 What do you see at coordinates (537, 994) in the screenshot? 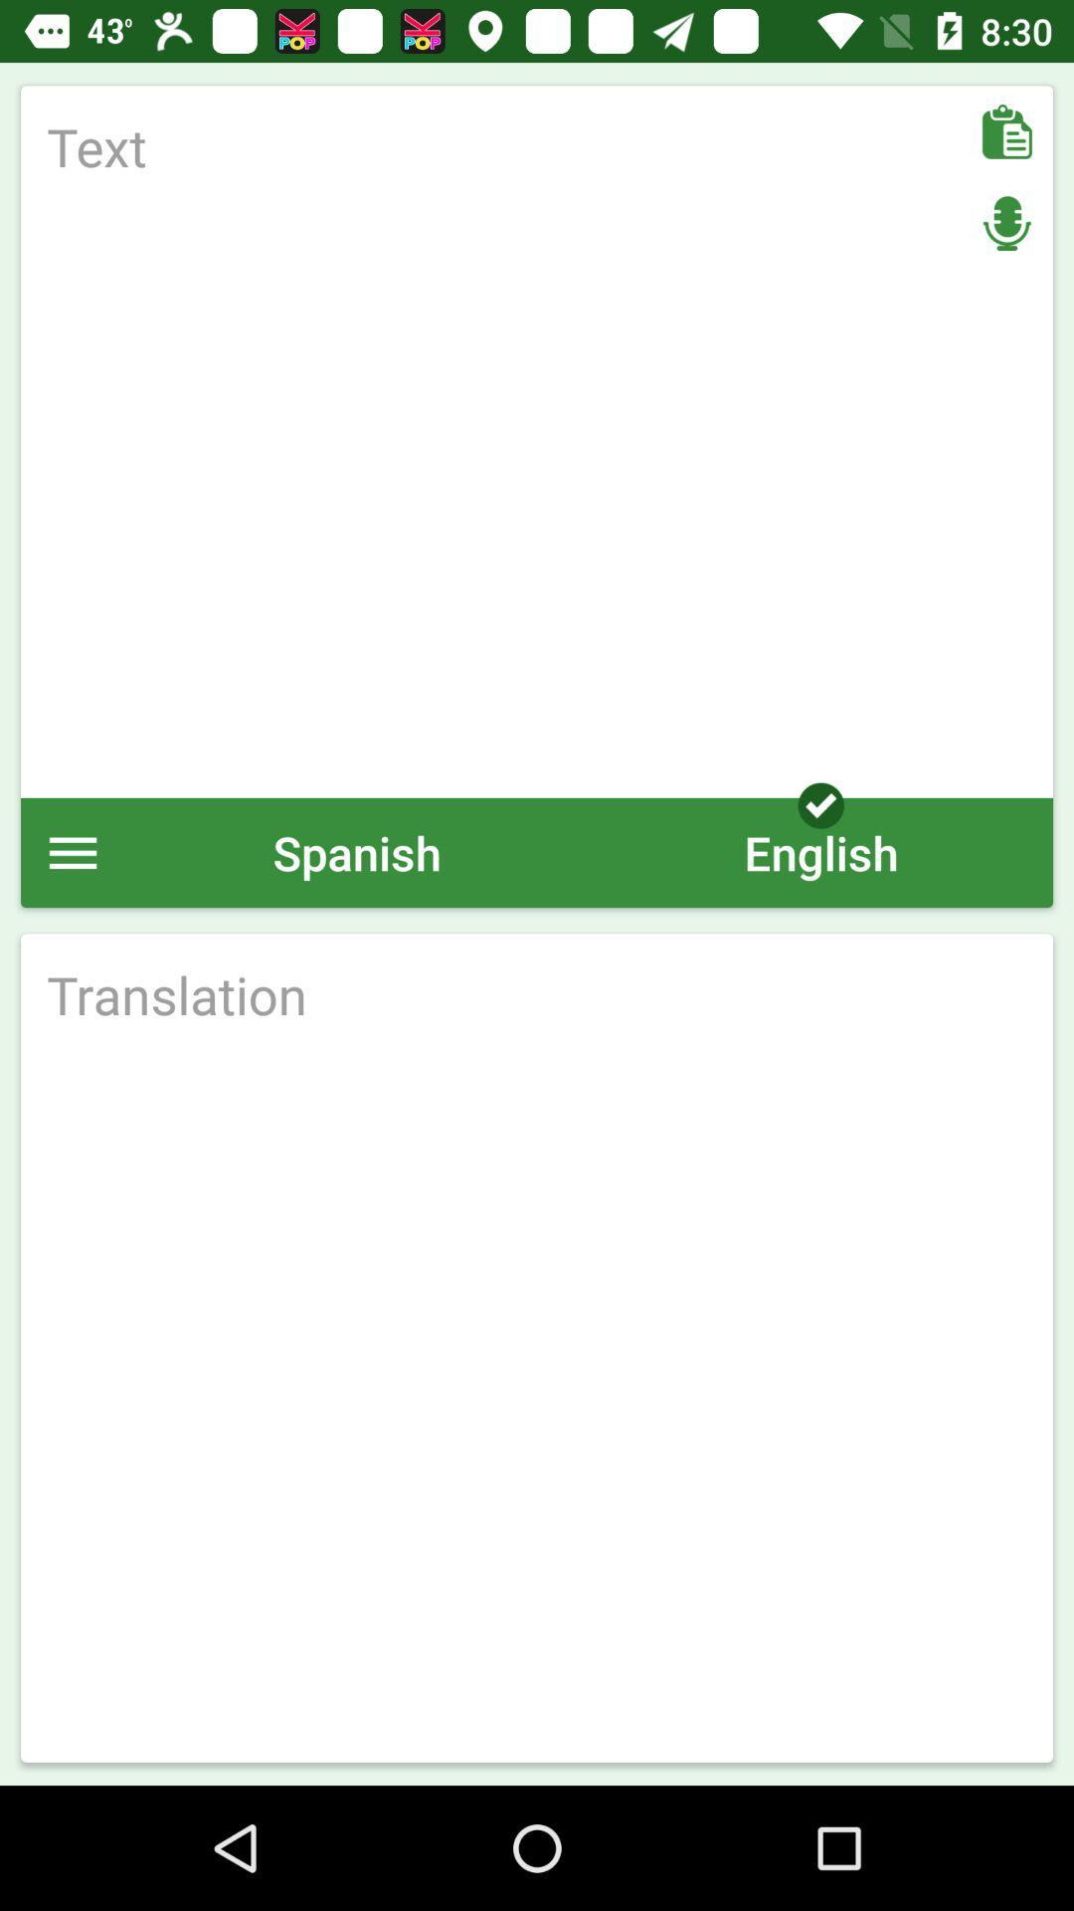
I see `this button is used to transcribe the word` at bounding box center [537, 994].